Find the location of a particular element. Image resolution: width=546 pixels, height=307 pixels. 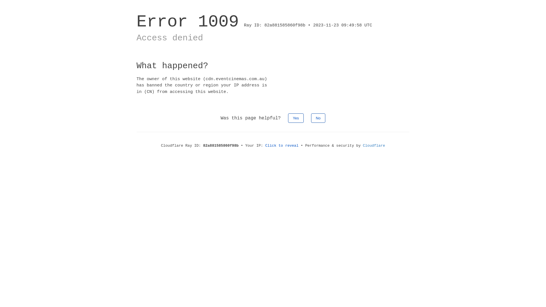

'Click to reveal' is located at coordinates (282, 145).